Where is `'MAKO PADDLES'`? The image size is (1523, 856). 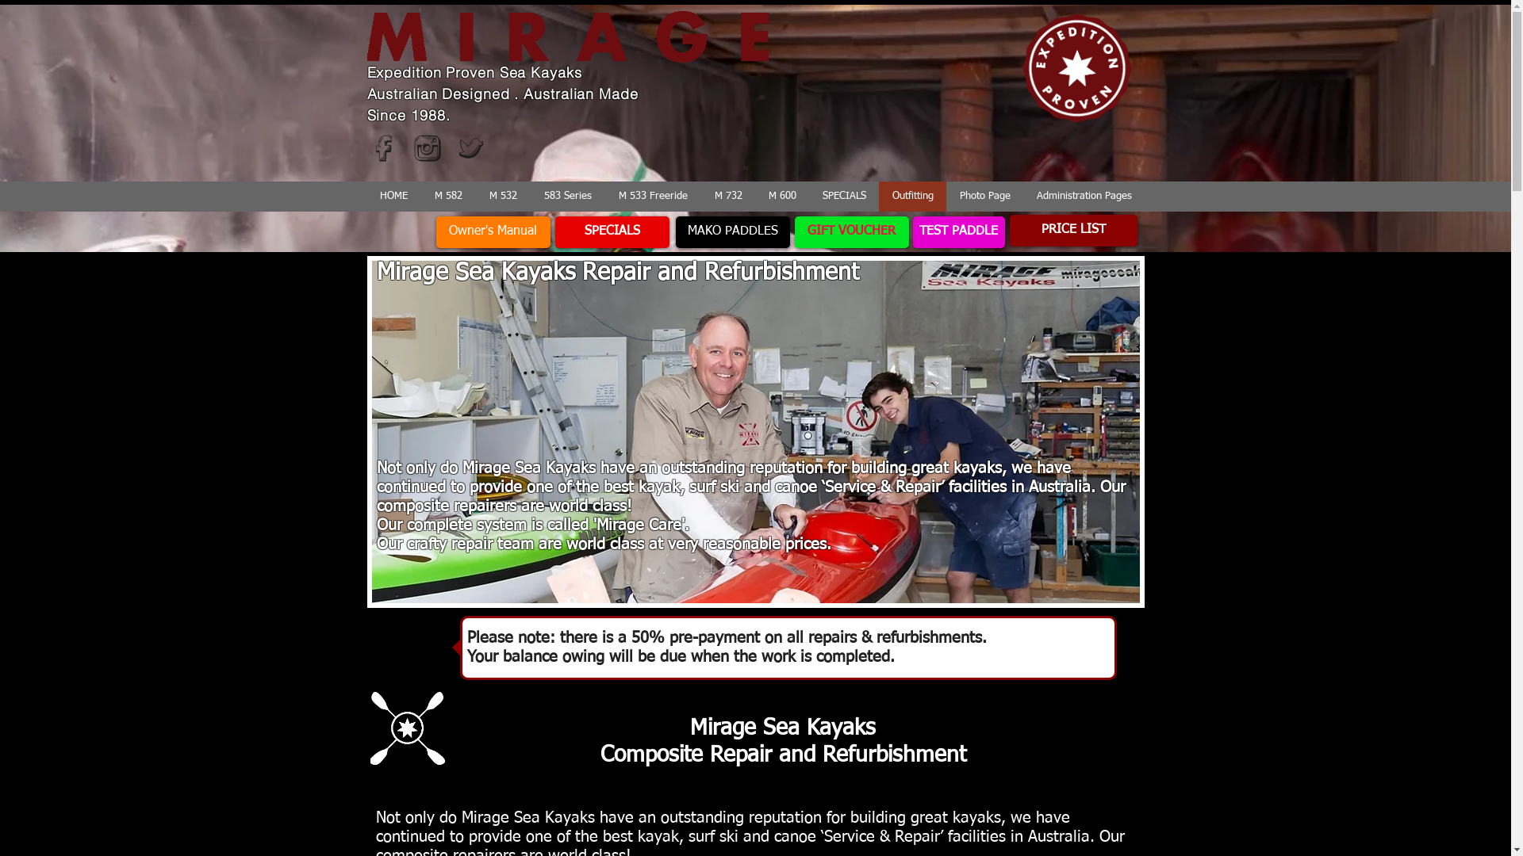 'MAKO PADDLES' is located at coordinates (732, 232).